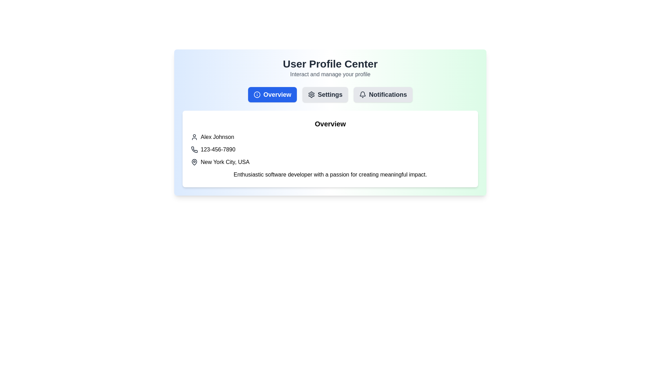 The height and width of the screenshot is (376, 669). Describe the element at coordinates (194, 137) in the screenshot. I see `the user profile SVG icon located to the left of the text 'Alex Johnson' in the 'Overview' section of the user profile interface` at that location.